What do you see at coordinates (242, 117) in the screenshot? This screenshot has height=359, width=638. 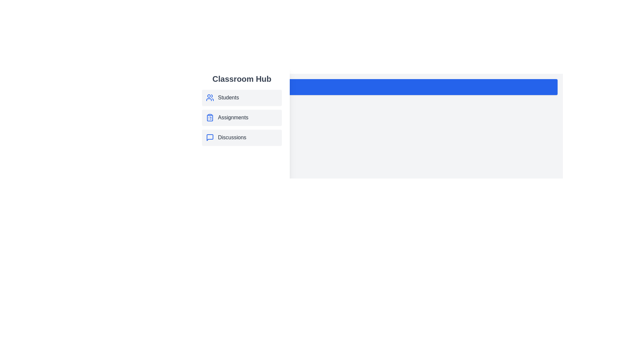 I see `the 'Assignments' section in the drawer` at bounding box center [242, 117].